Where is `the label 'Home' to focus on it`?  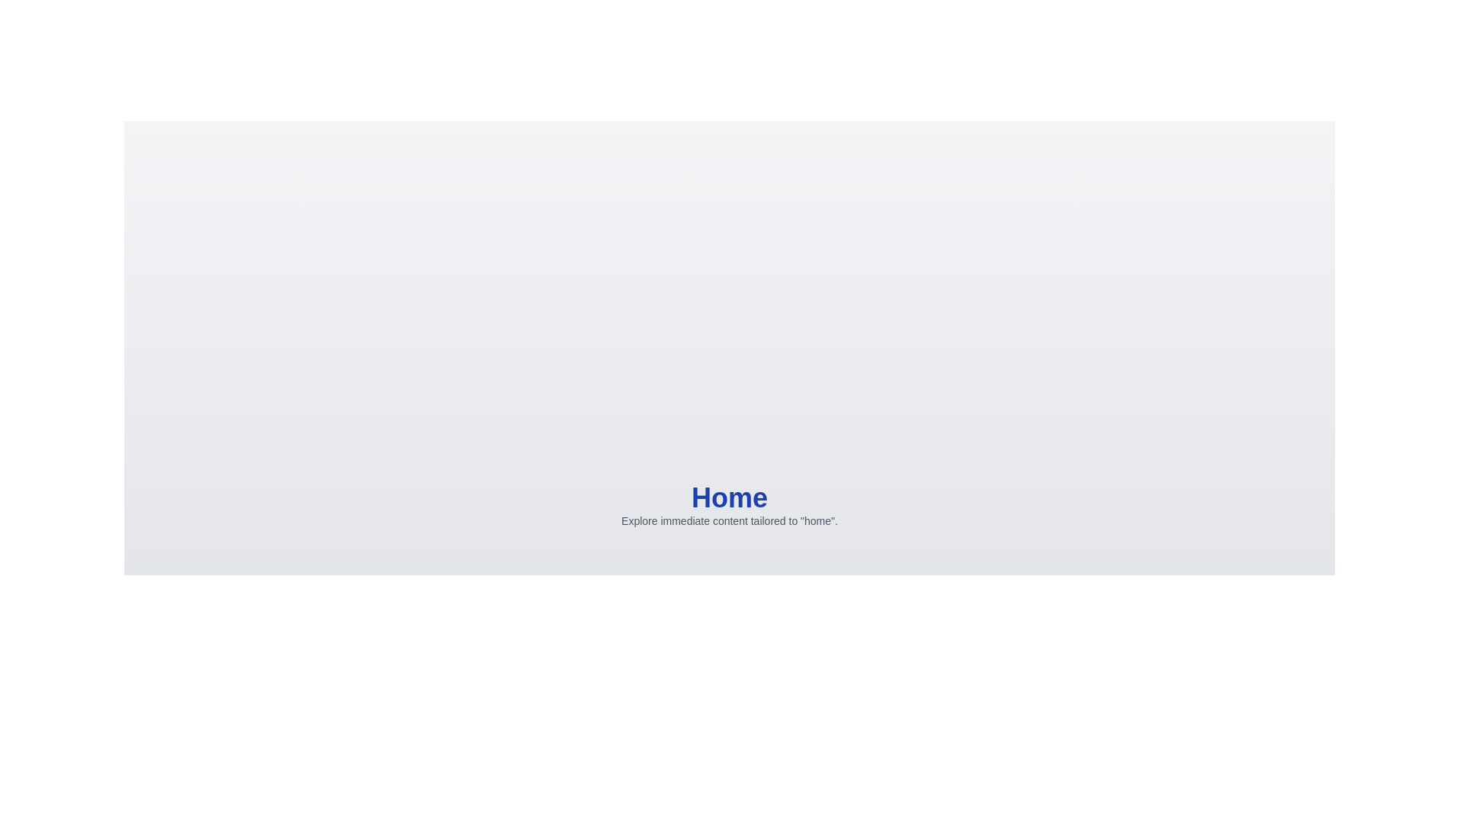 the label 'Home' to focus on it is located at coordinates (728, 497).